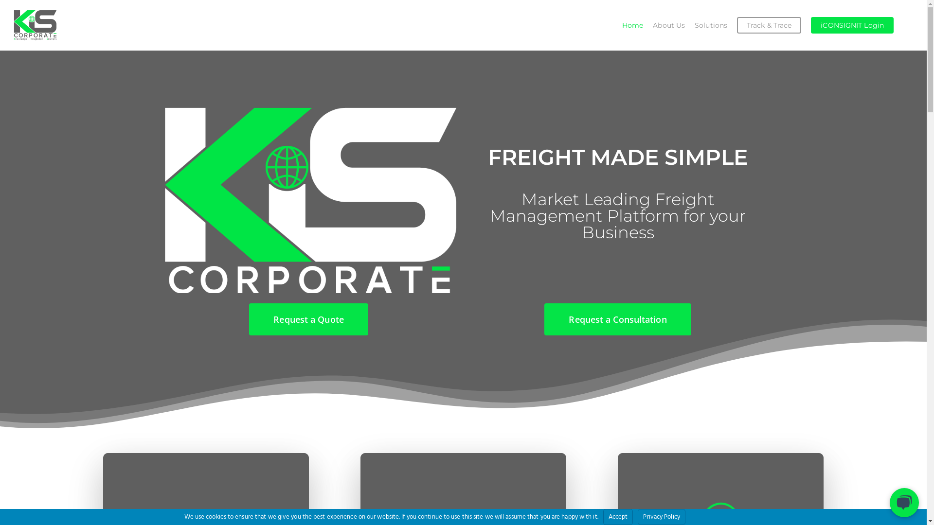  What do you see at coordinates (768, 24) in the screenshot?
I see `'Track & Trace'` at bounding box center [768, 24].